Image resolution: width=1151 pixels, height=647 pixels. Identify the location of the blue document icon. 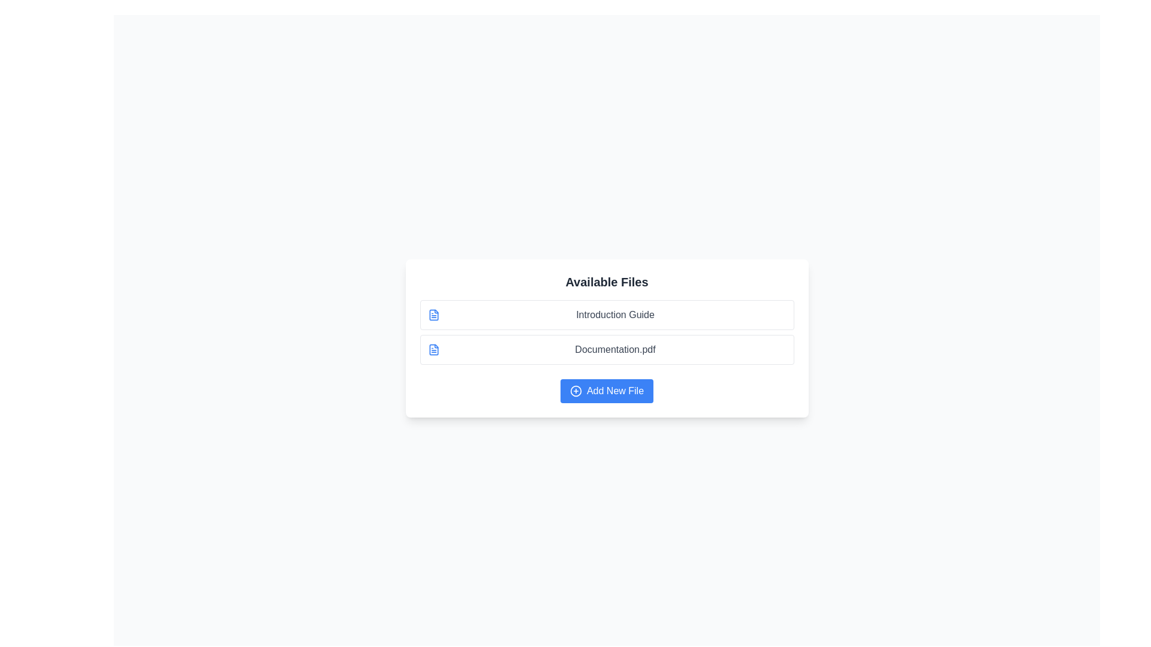
(433, 349).